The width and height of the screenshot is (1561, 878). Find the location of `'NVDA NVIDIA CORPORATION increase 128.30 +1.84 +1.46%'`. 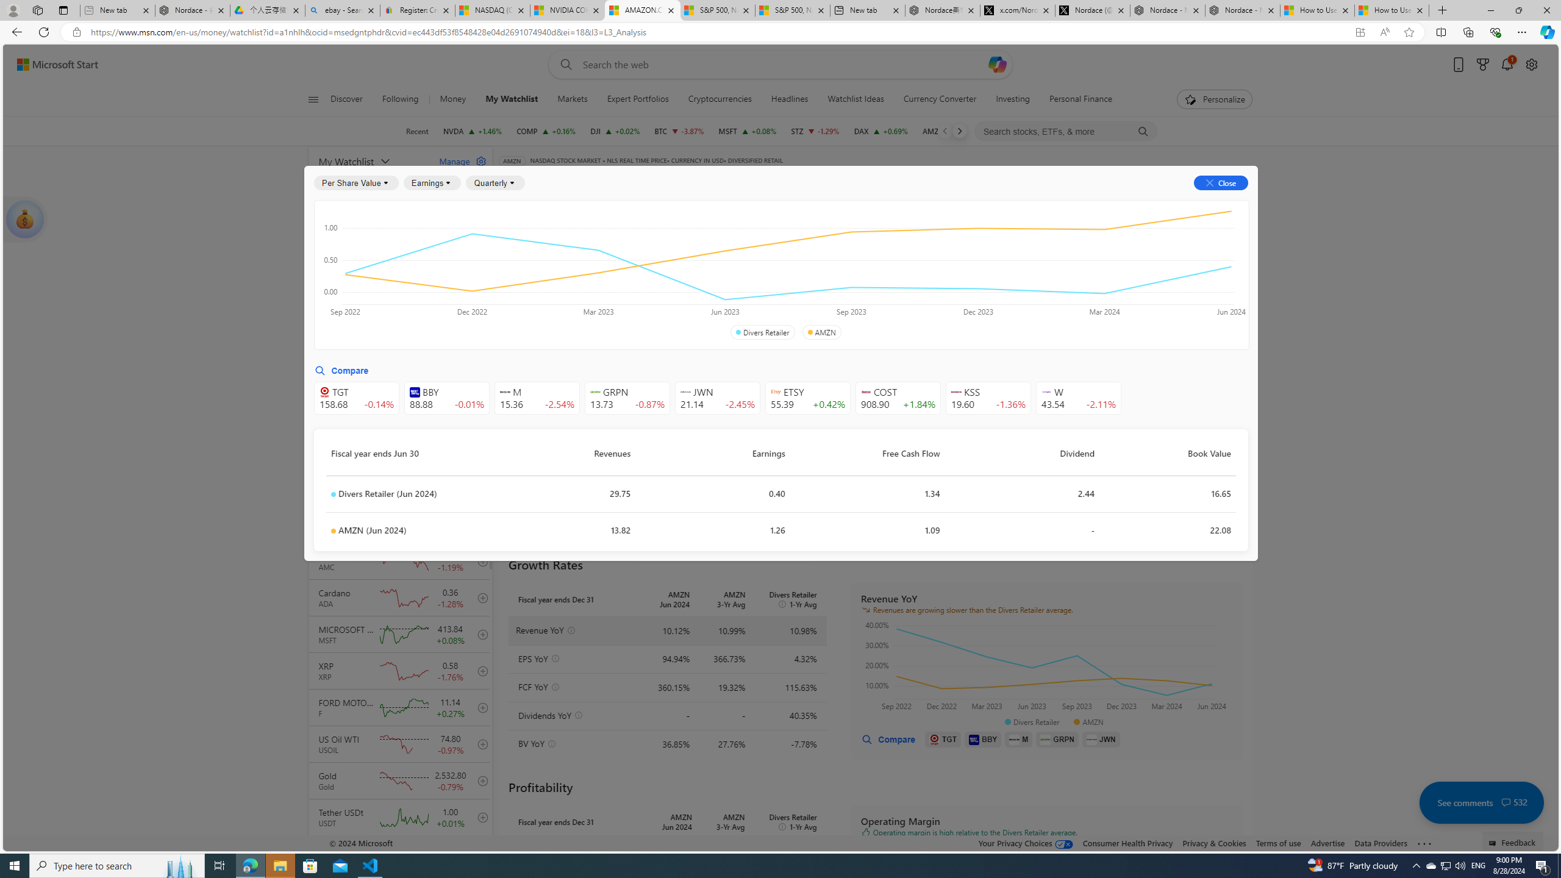

'NVDA NVIDIA CORPORATION increase 128.30 +1.84 +1.46%' is located at coordinates (472, 130).